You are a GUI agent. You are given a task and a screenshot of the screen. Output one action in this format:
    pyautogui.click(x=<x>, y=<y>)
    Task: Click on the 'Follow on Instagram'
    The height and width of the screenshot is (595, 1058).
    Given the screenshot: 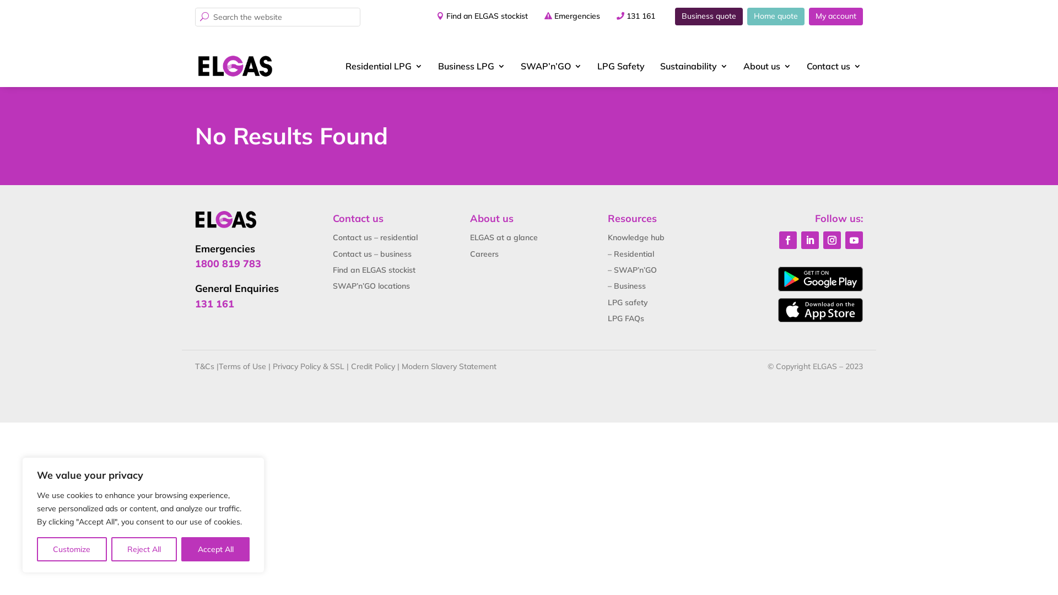 What is the action you would take?
    pyautogui.click(x=832, y=239)
    